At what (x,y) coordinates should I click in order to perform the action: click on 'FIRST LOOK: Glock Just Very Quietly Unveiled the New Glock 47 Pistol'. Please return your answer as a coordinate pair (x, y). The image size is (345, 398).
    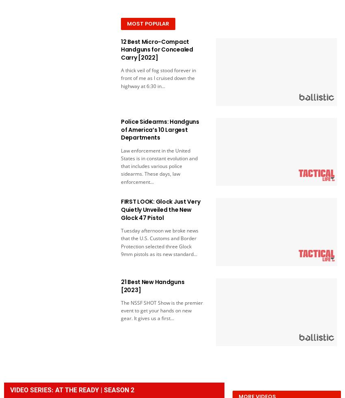
    Looking at the image, I should click on (120, 209).